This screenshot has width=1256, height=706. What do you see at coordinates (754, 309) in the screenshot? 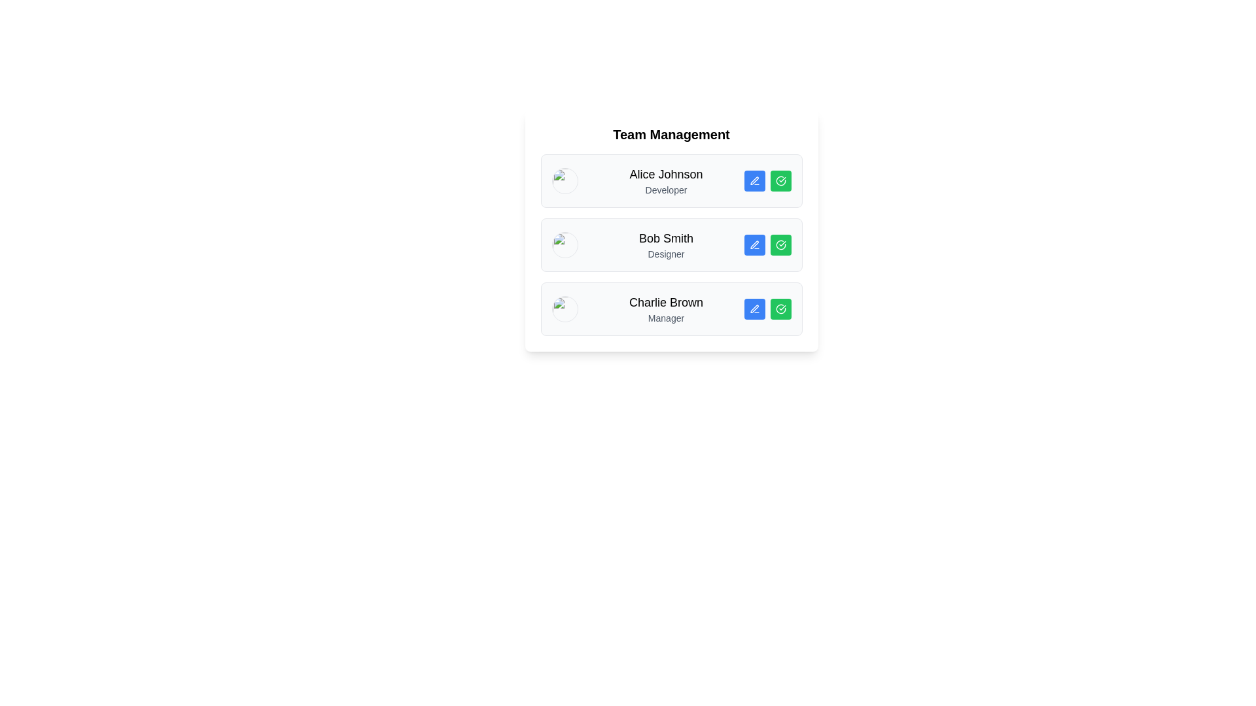
I see `the edit Icon Button located in the second slot of action buttons on the right within the panel of 'Charlie Brown'` at bounding box center [754, 309].